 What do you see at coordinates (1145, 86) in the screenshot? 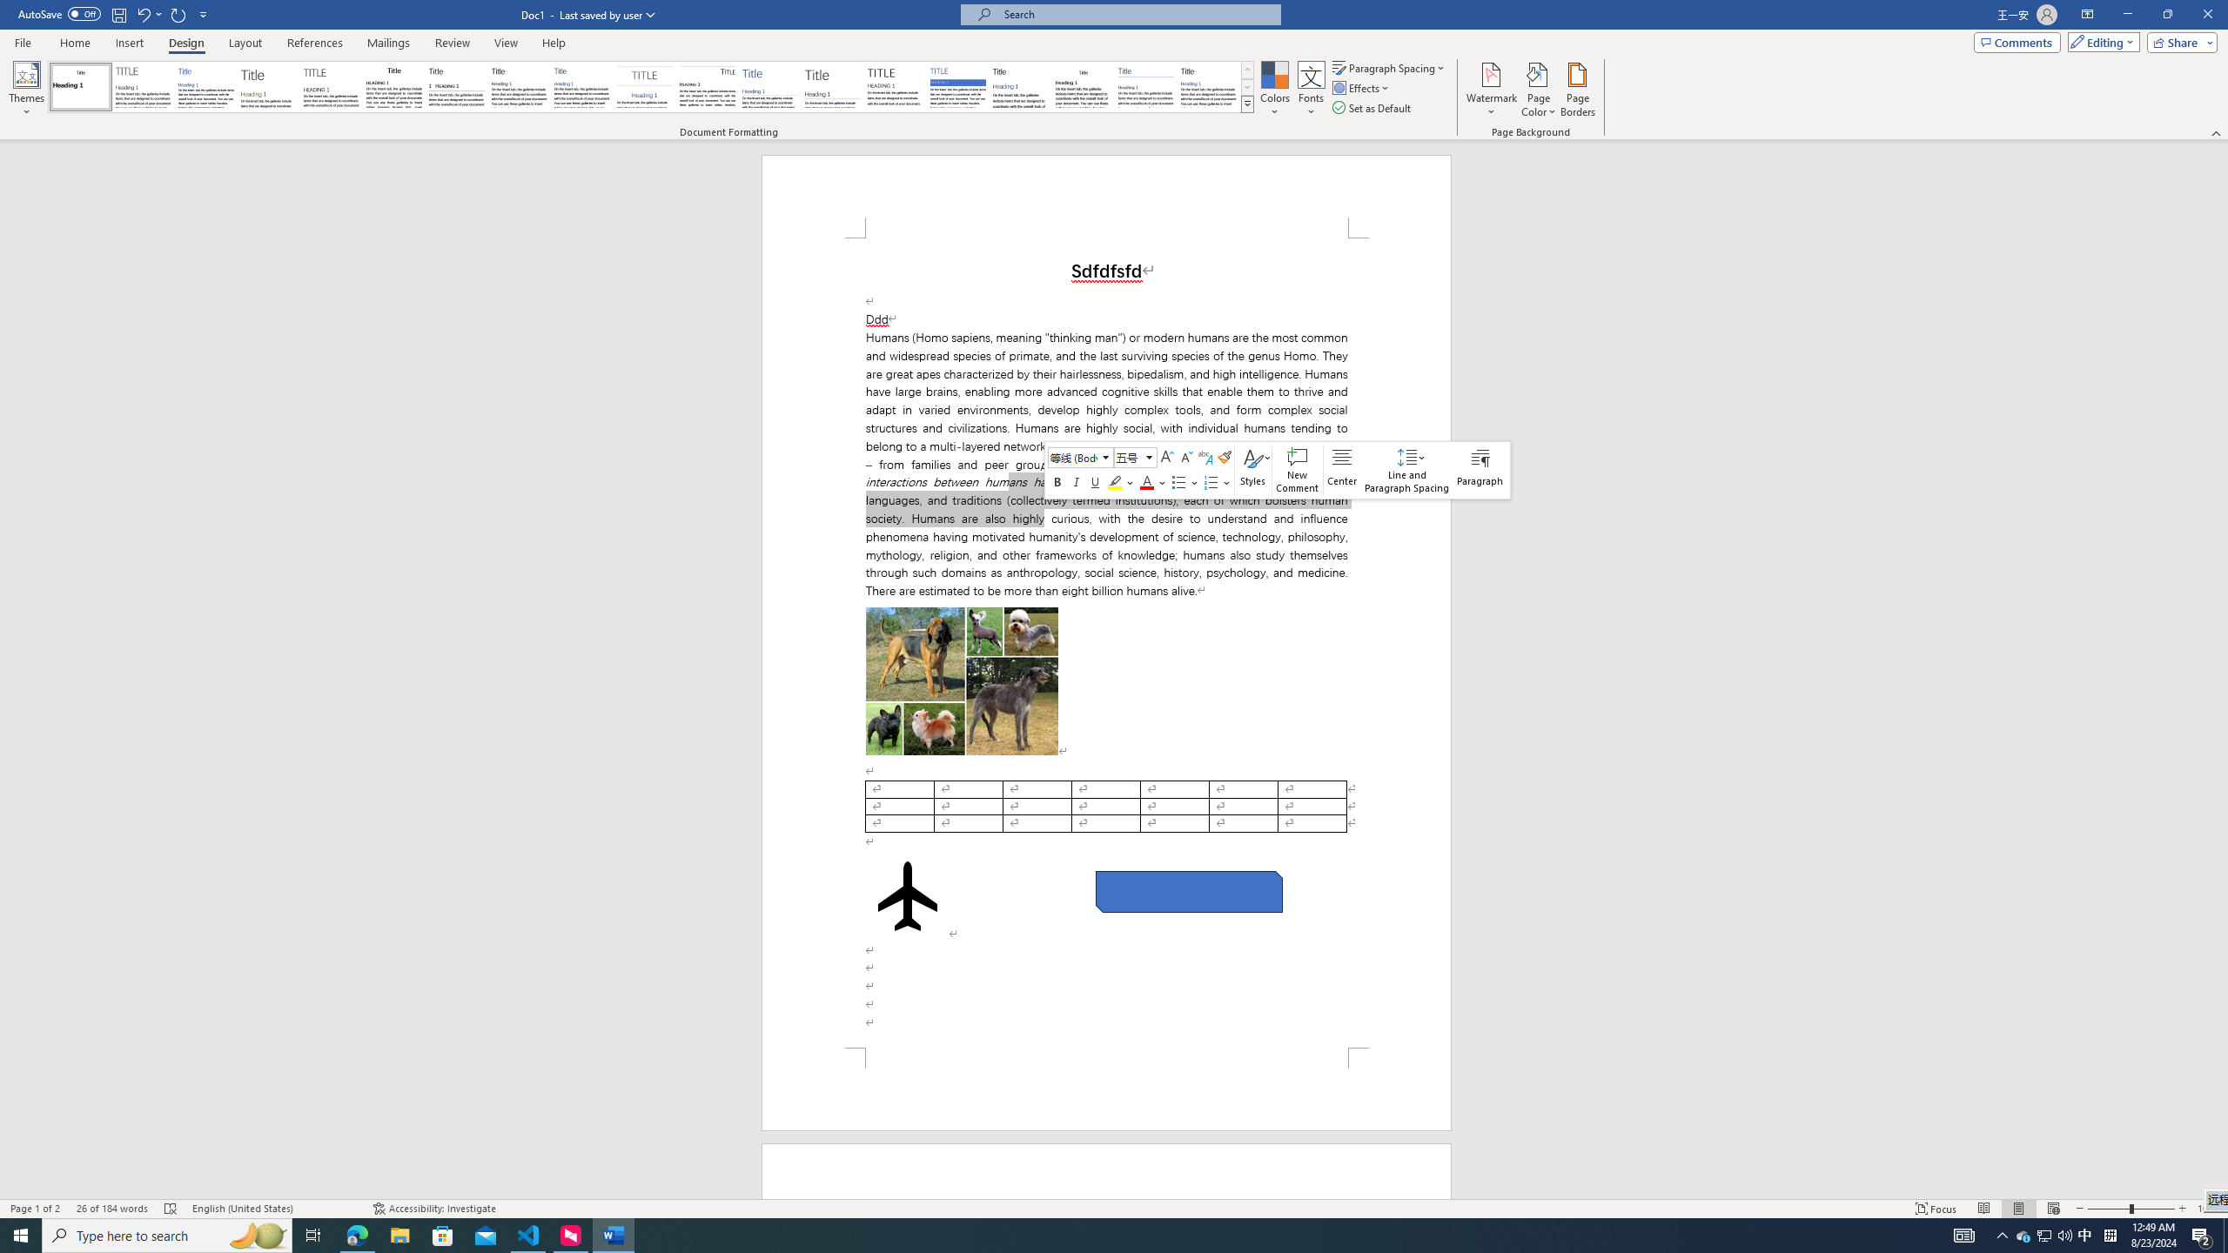
I see `'Word 2010'` at bounding box center [1145, 86].